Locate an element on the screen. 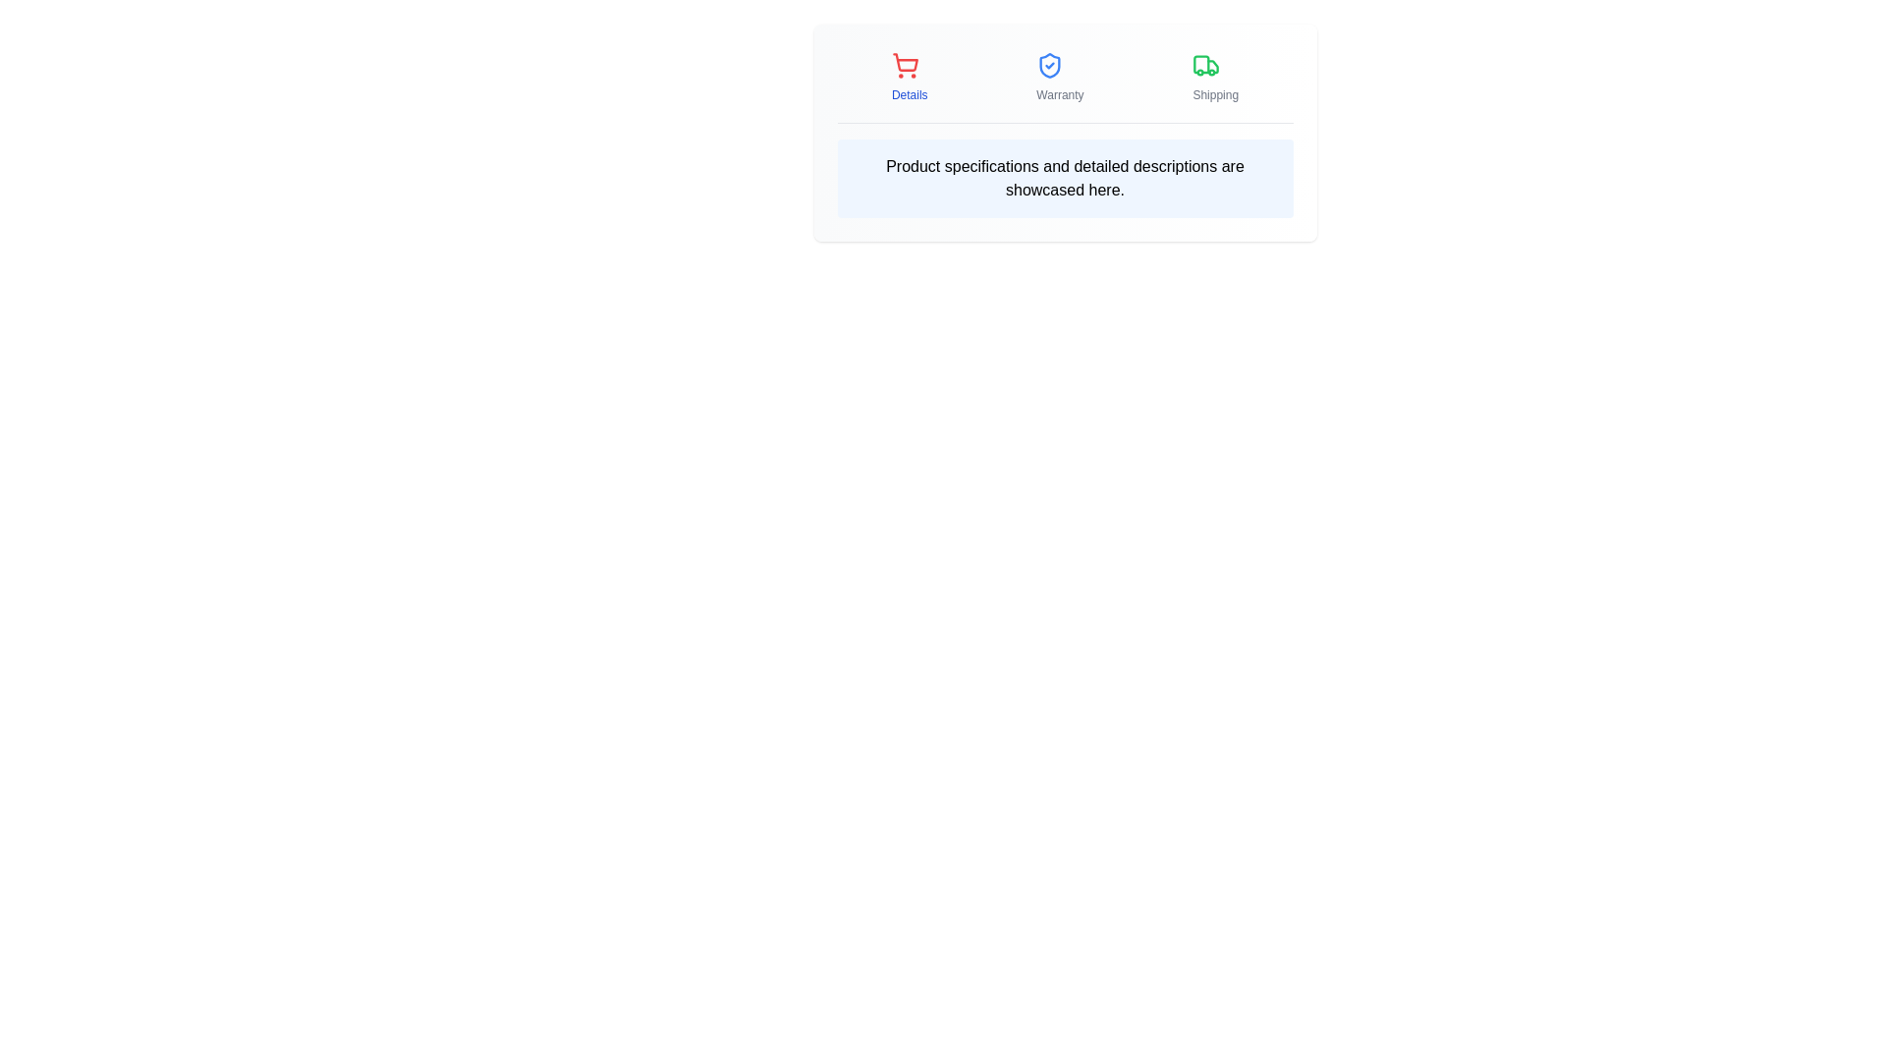 This screenshot has width=1886, height=1061. the Details tab is located at coordinates (909, 76).